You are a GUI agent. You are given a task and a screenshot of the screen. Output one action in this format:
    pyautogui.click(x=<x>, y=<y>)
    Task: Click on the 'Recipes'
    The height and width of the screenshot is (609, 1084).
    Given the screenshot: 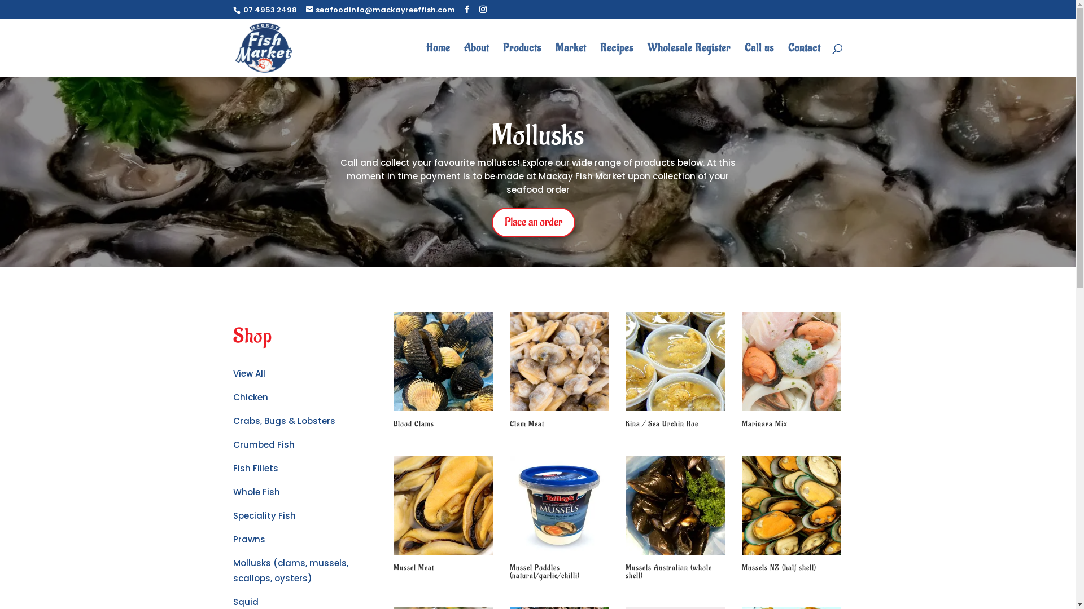 What is the action you would take?
    pyautogui.click(x=615, y=60)
    